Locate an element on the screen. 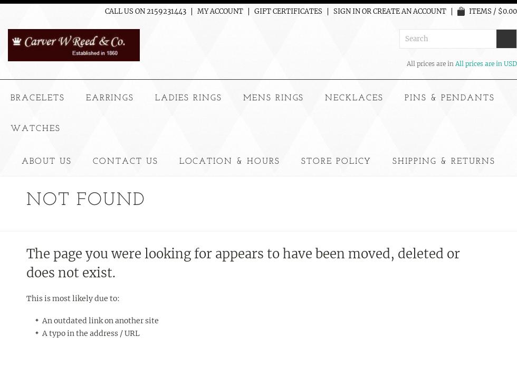 The image size is (517, 374). 'USD' is located at coordinates (510, 63).